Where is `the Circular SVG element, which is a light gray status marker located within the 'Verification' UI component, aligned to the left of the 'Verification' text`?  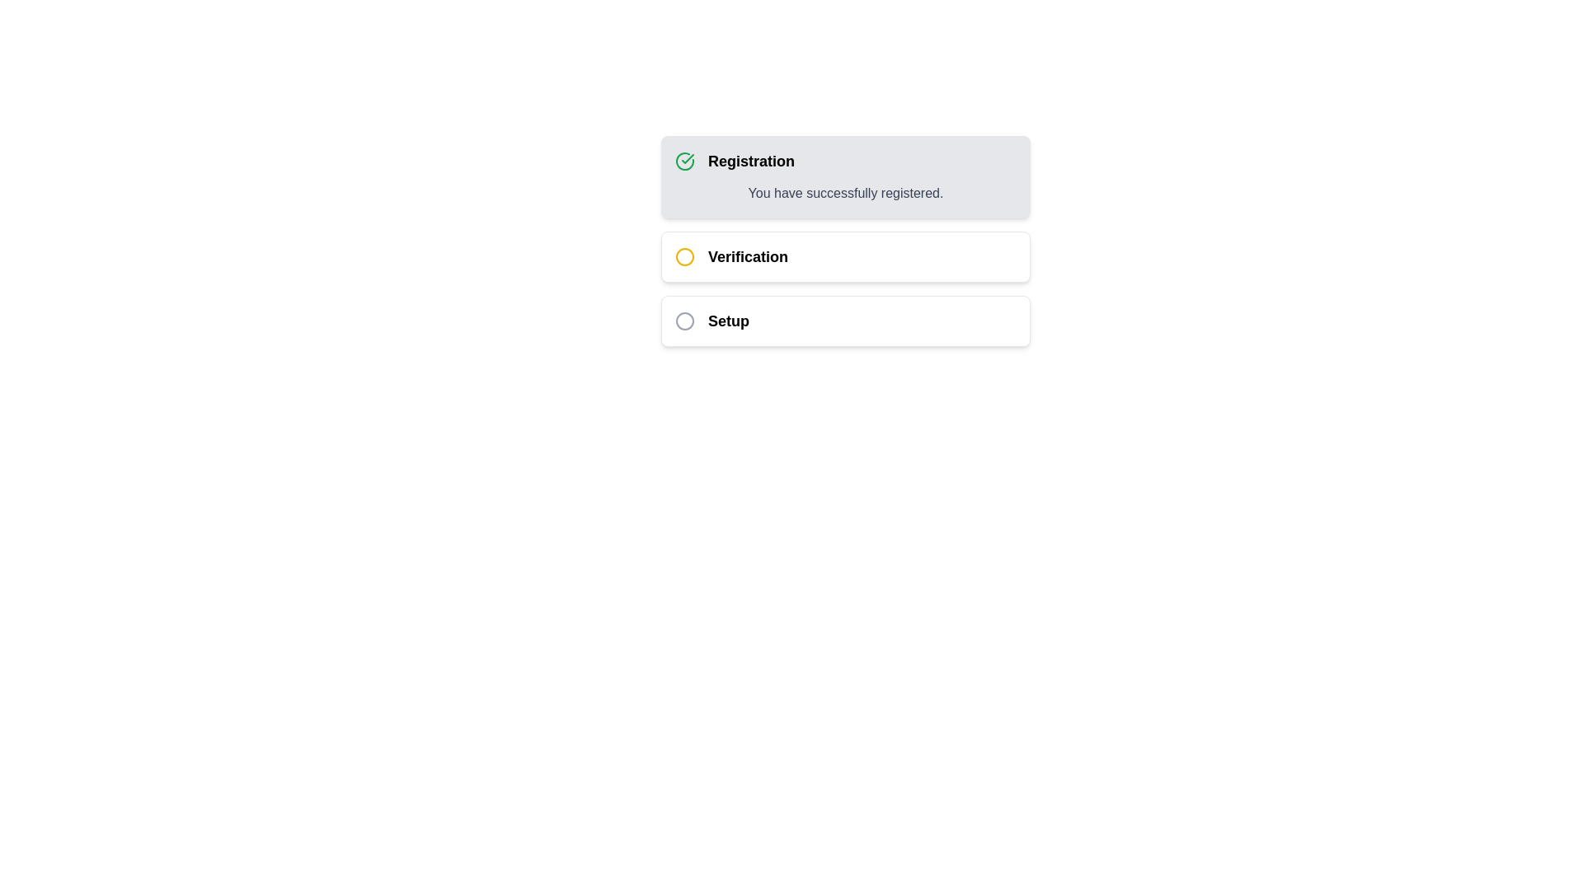 the Circular SVG element, which is a light gray status marker located within the 'Verification' UI component, aligned to the left of the 'Verification' text is located at coordinates (684, 321).